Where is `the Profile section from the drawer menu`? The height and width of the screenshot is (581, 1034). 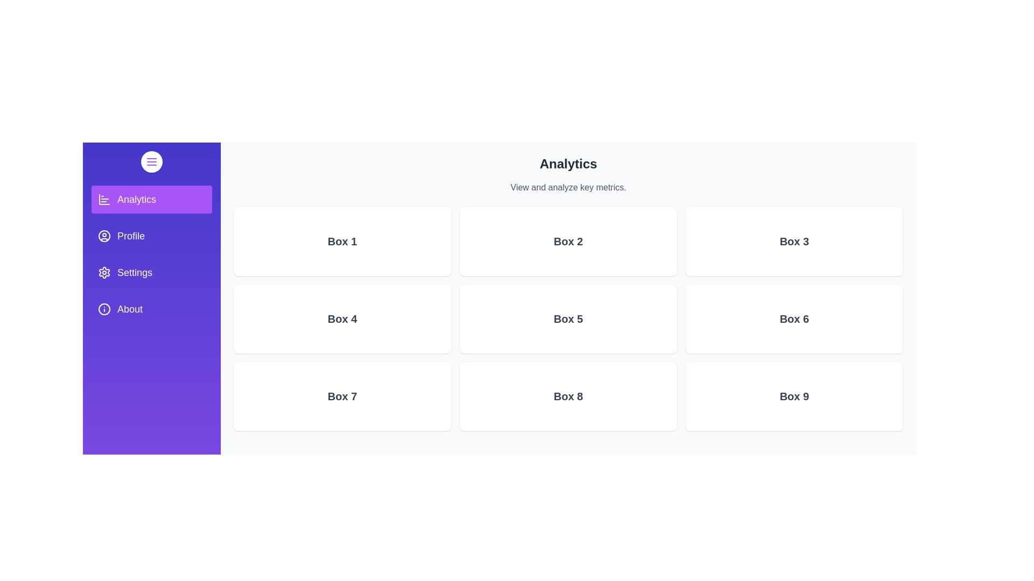 the Profile section from the drawer menu is located at coordinates (151, 236).